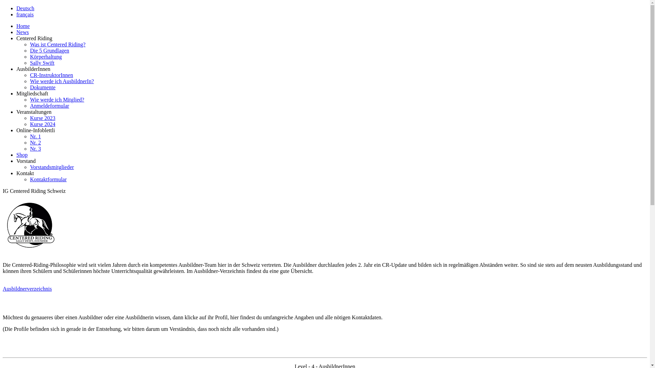 Image resolution: width=655 pixels, height=368 pixels. I want to click on 'Kurse 2024', so click(29, 124).